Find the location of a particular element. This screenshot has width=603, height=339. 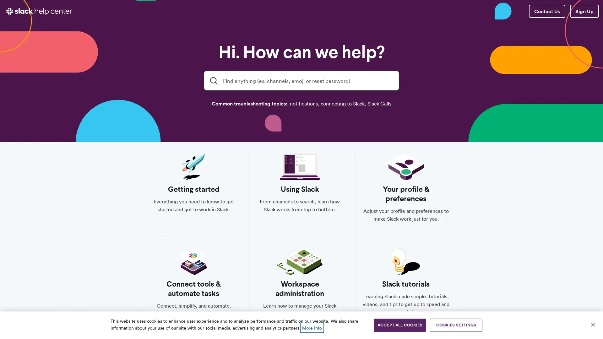

Close is located at coordinates (592, 324).